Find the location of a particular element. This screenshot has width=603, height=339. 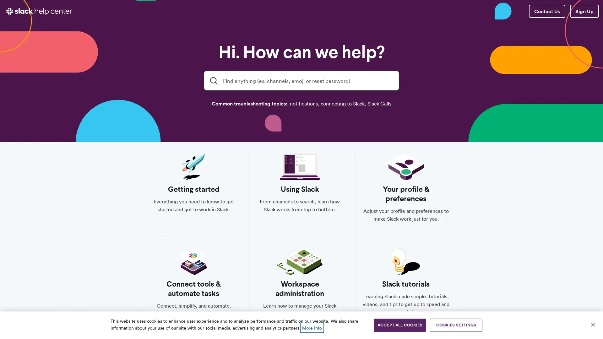

Close is located at coordinates (592, 324).